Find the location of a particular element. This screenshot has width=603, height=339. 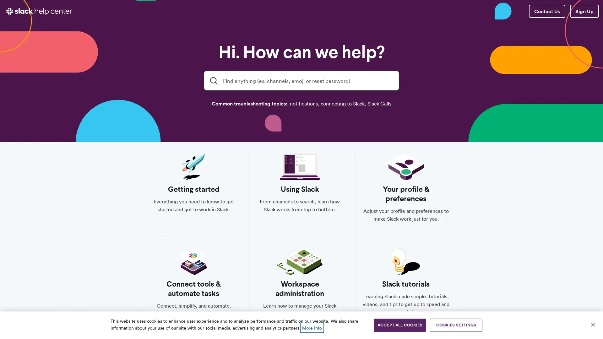

Close is located at coordinates (592, 324).